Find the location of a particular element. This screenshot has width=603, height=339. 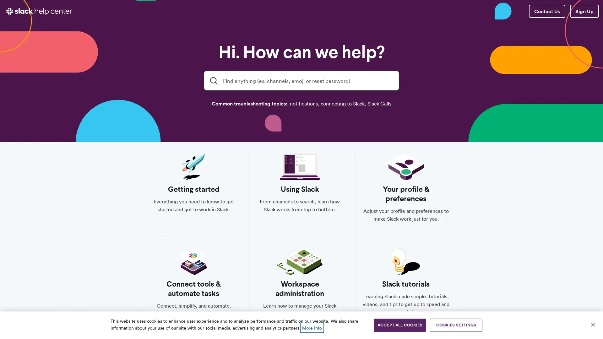

Close is located at coordinates (592, 324).